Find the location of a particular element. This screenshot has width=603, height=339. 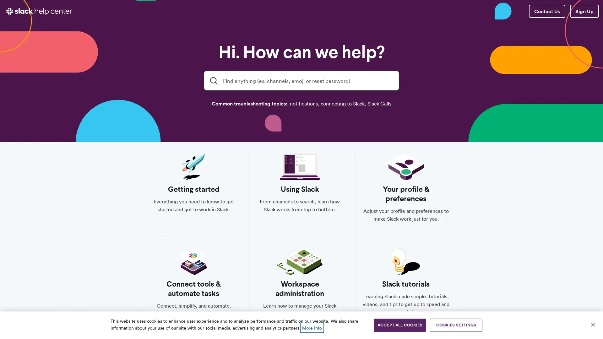

Close is located at coordinates (592, 324).